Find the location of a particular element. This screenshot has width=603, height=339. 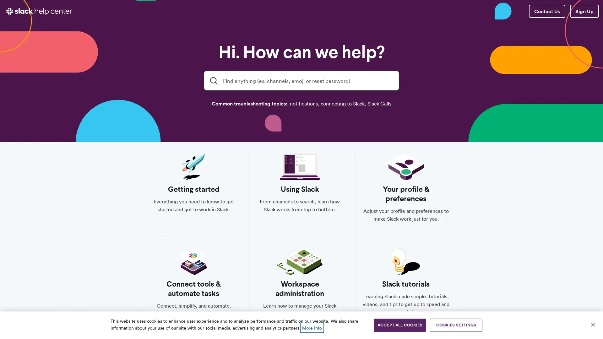

Close is located at coordinates (592, 324).